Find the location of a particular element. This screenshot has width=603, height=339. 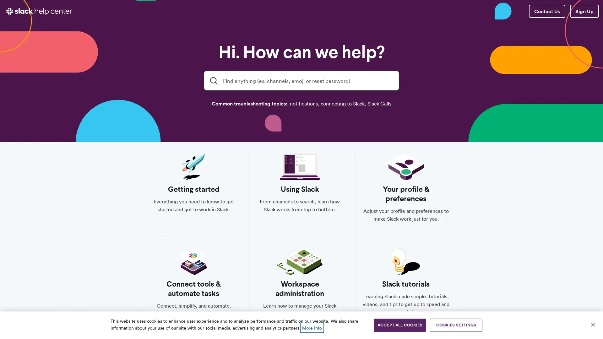

Close is located at coordinates (592, 324).